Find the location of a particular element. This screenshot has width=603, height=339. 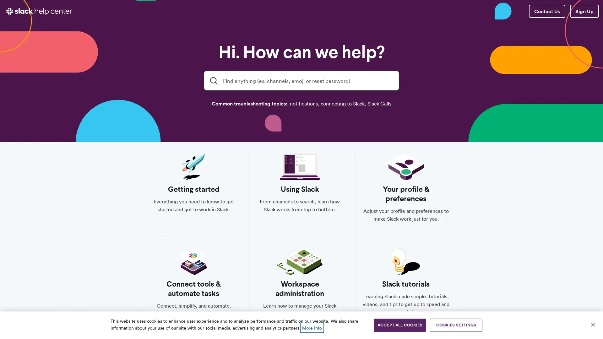

Close is located at coordinates (592, 324).